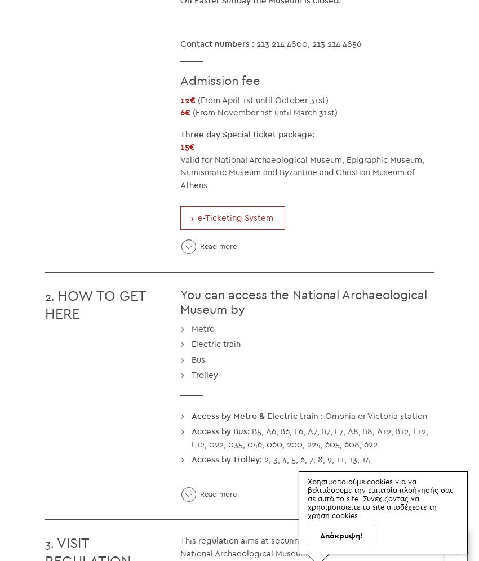  Describe the element at coordinates (185, 99) in the screenshot. I see `'12'` at that location.